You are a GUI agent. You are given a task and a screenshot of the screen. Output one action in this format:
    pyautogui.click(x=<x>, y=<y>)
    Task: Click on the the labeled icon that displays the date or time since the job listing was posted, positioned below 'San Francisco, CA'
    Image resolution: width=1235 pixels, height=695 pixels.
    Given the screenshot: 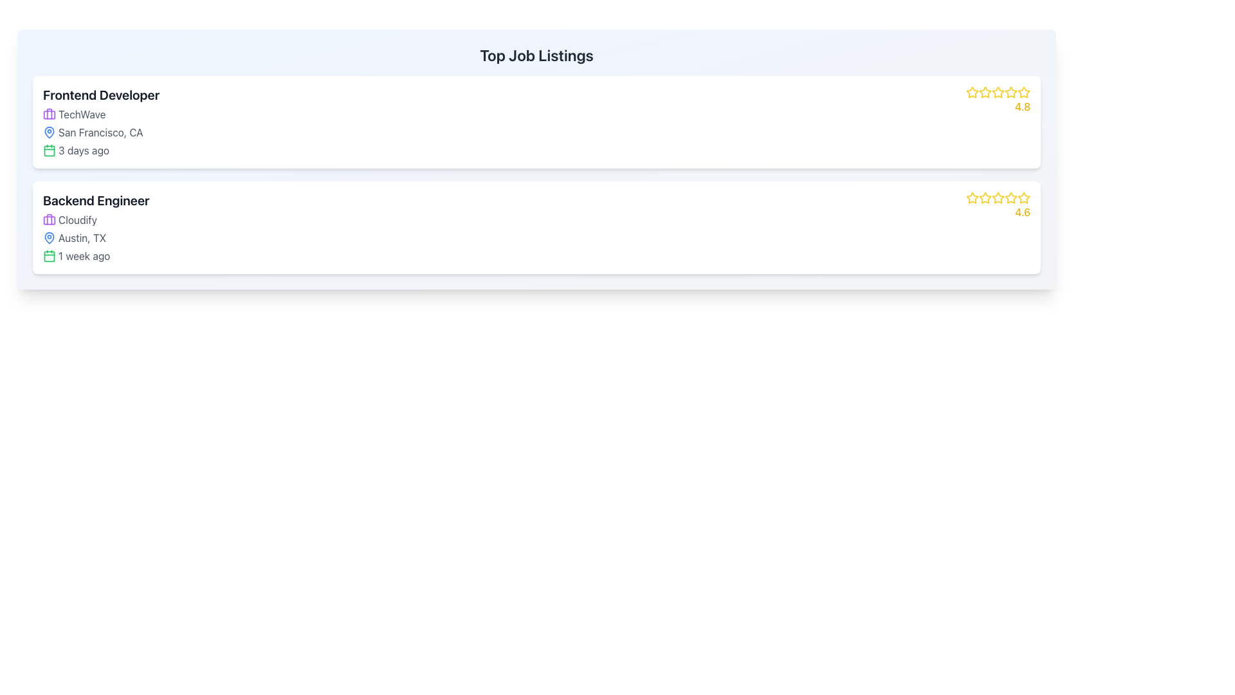 What is the action you would take?
    pyautogui.click(x=100, y=150)
    